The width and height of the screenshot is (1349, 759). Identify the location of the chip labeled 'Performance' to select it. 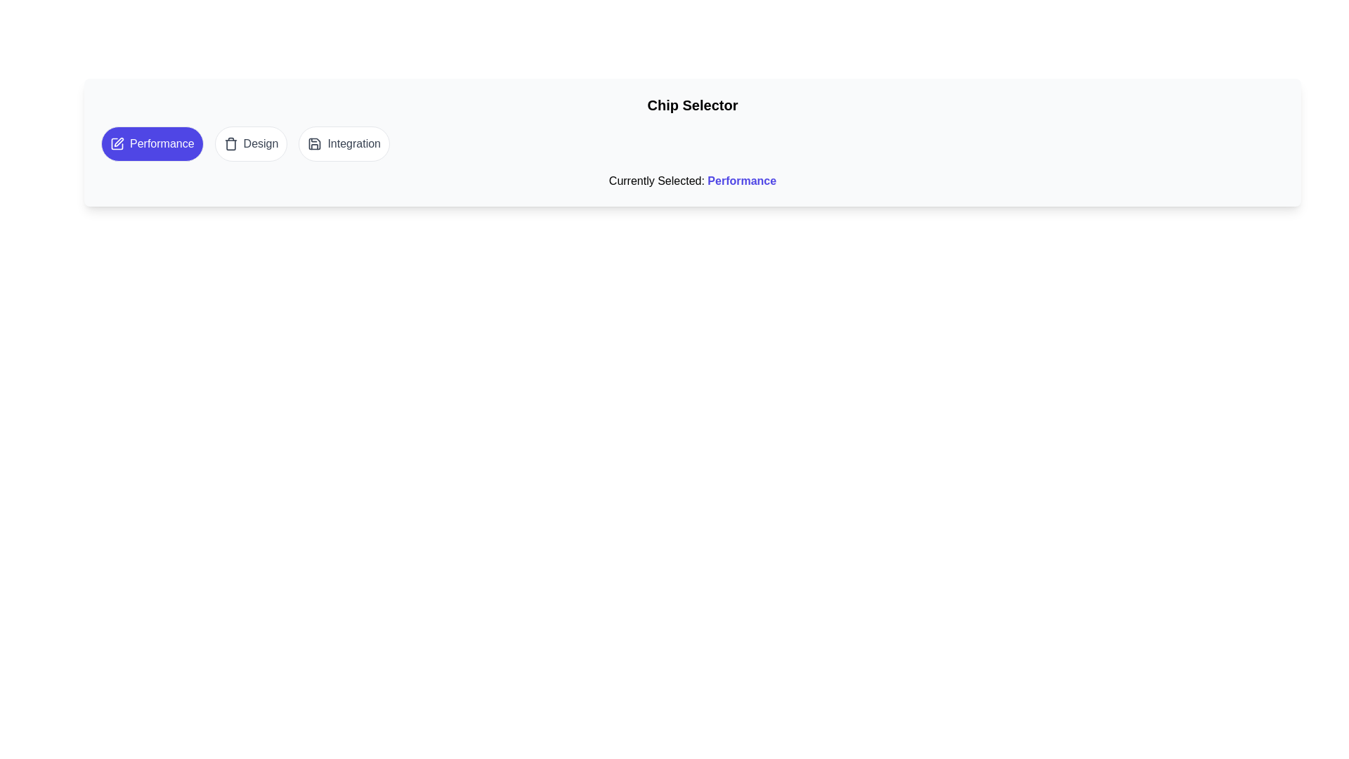
(152, 143).